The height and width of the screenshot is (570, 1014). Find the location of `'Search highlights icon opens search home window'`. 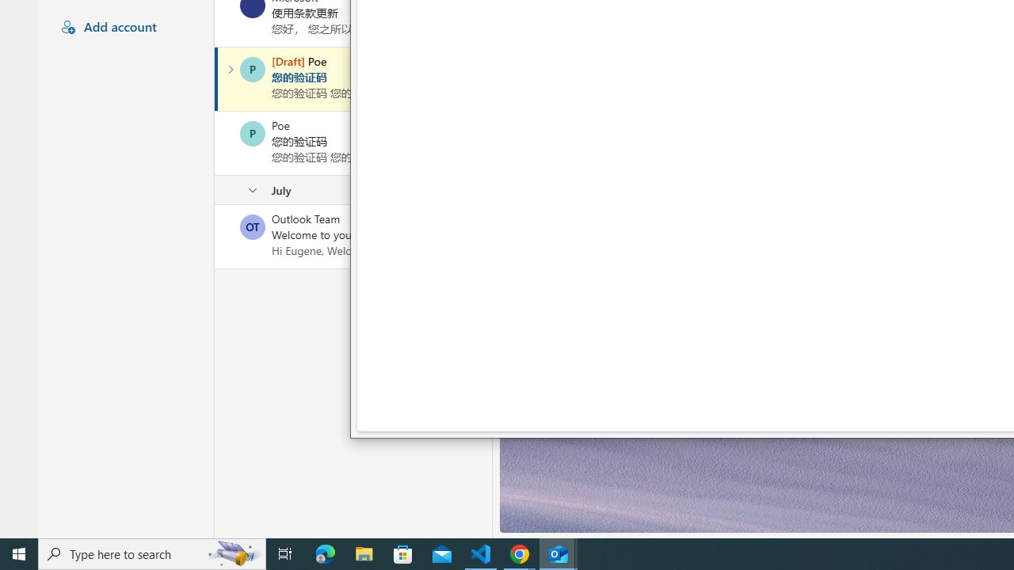

'Search highlights icon opens search home window' is located at coordinates (233, 553).